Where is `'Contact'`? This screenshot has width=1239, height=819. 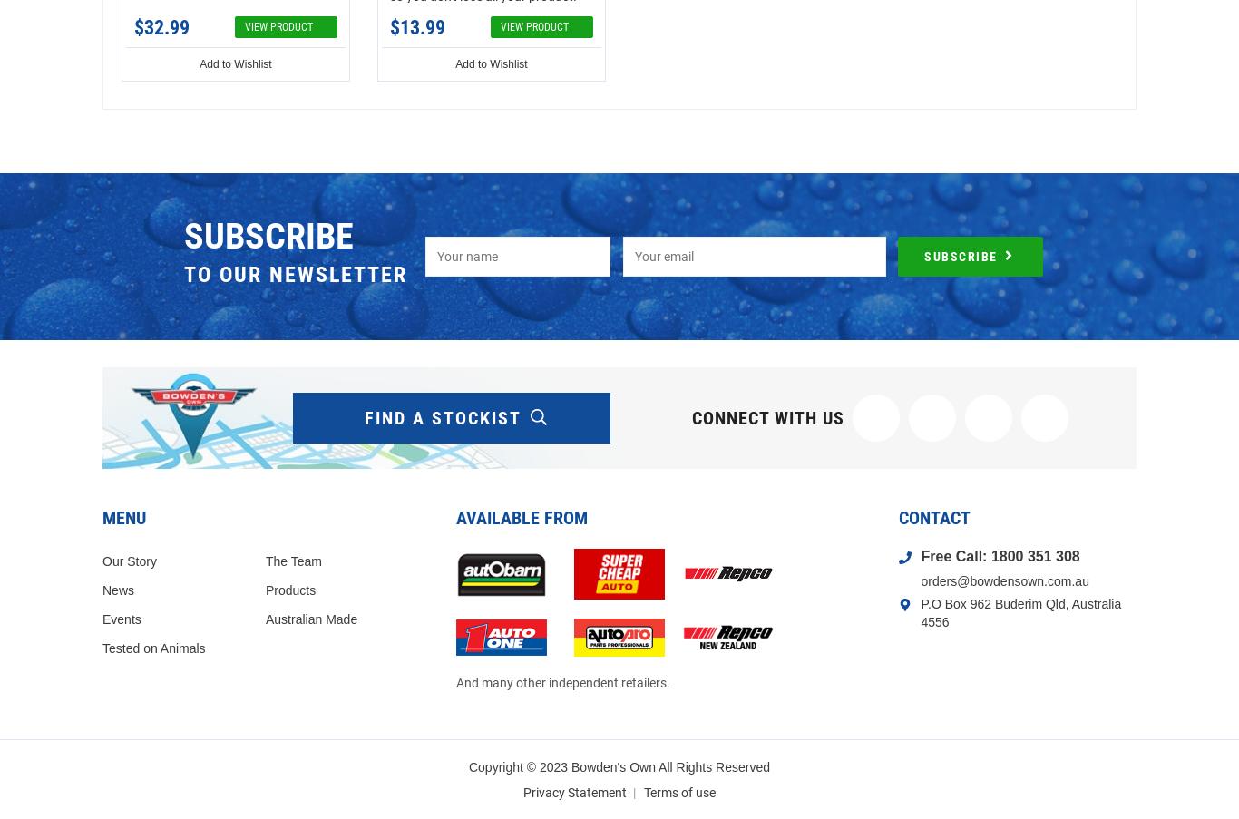
'Contact' is located at coordinates (932, 516).